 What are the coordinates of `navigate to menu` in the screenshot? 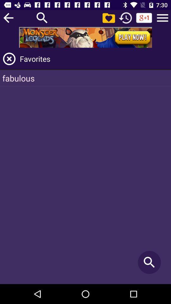 It's located at (162, 17).